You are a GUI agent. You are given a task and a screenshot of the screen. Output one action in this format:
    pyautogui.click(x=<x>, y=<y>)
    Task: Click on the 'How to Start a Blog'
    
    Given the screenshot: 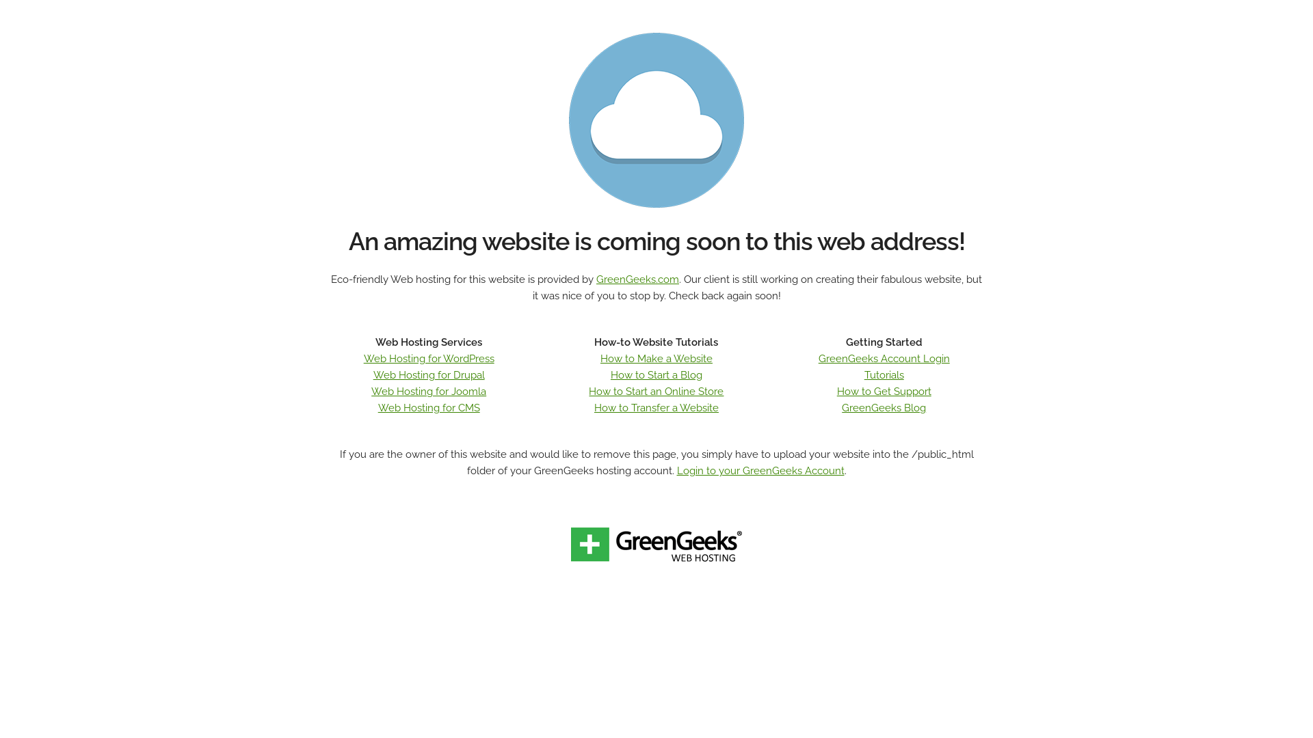 What is the action you would take?
    pyautogui.click(x=656, y=374)
    